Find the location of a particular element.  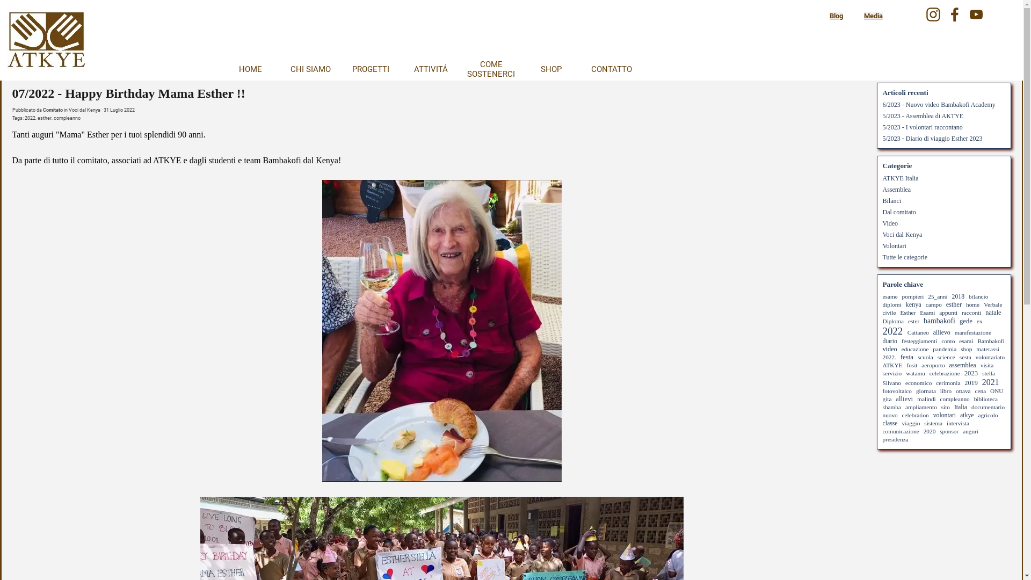

'diplomi' is located at coordinates (892, 305).